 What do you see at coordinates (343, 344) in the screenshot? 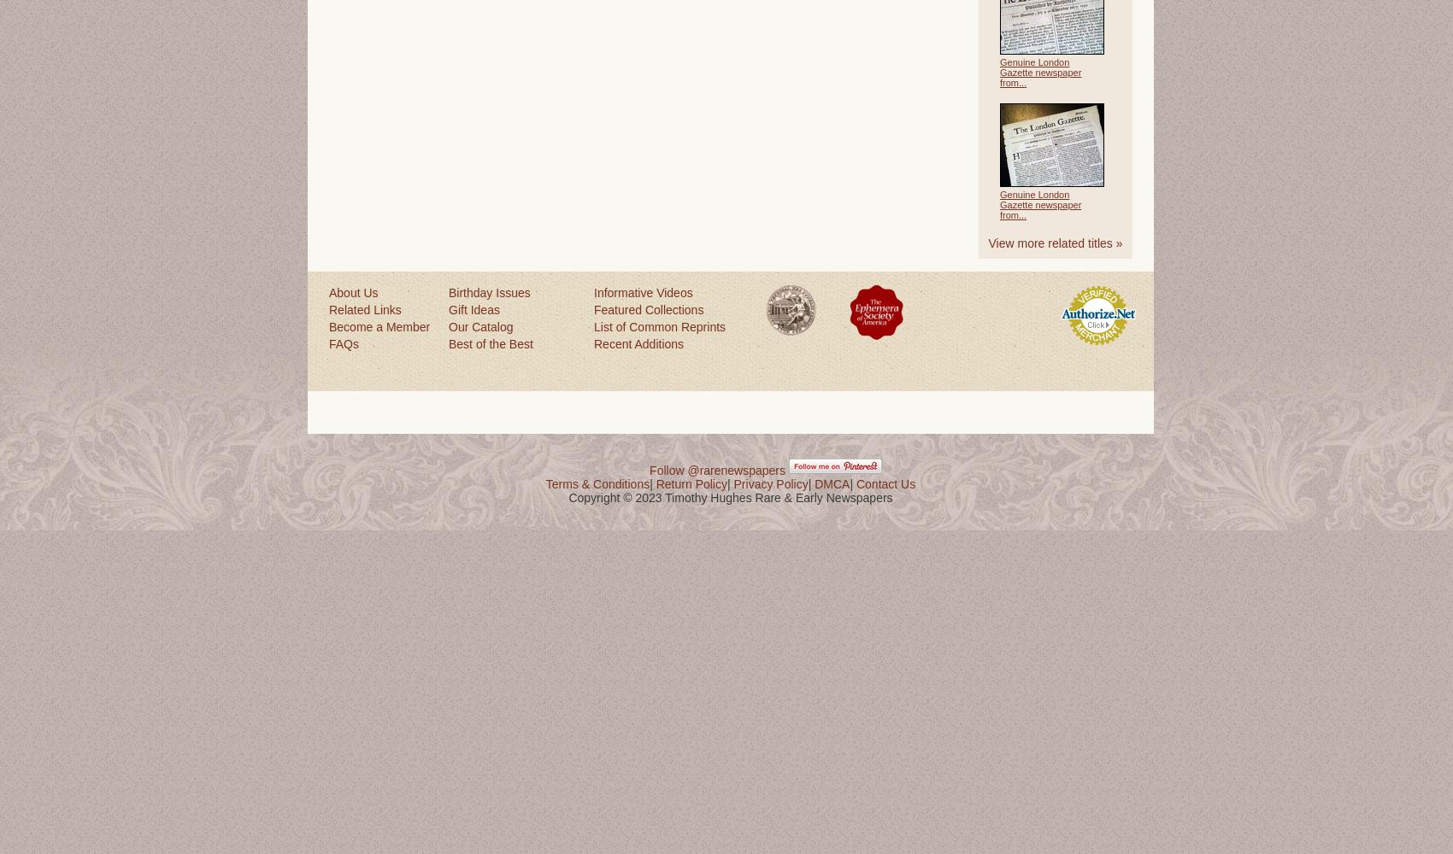
I see `'FAQs'` at bounding box center [343, 344].